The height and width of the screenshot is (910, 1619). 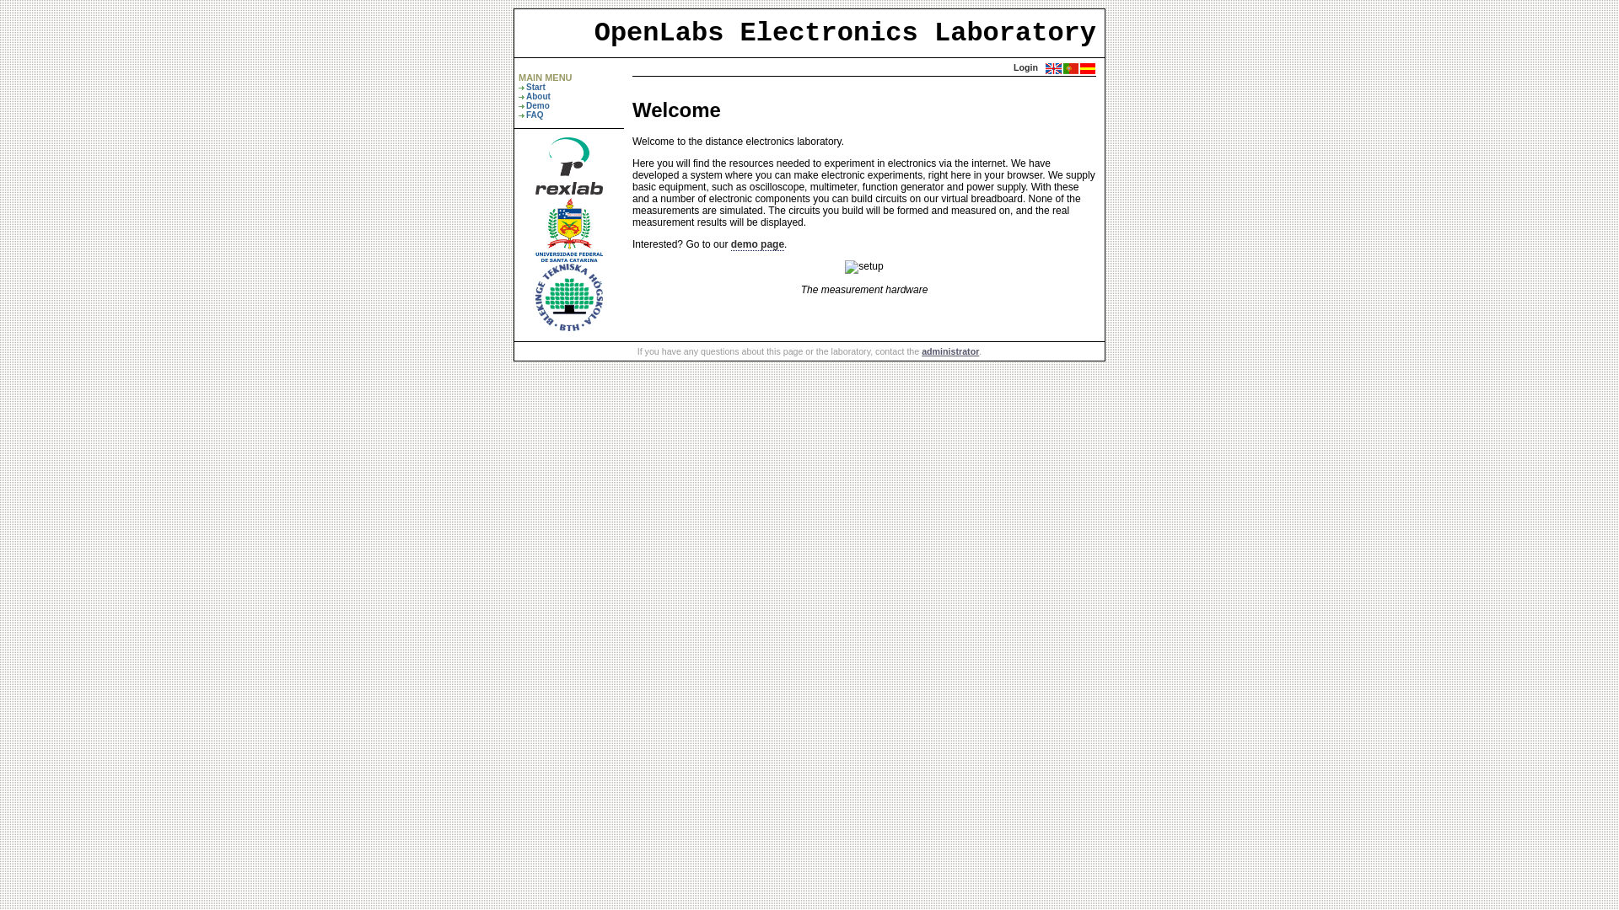 What do you see at coordinates (756, 244) in the screenshot?
I see `'demo page'` at bounding box center [756, 244].